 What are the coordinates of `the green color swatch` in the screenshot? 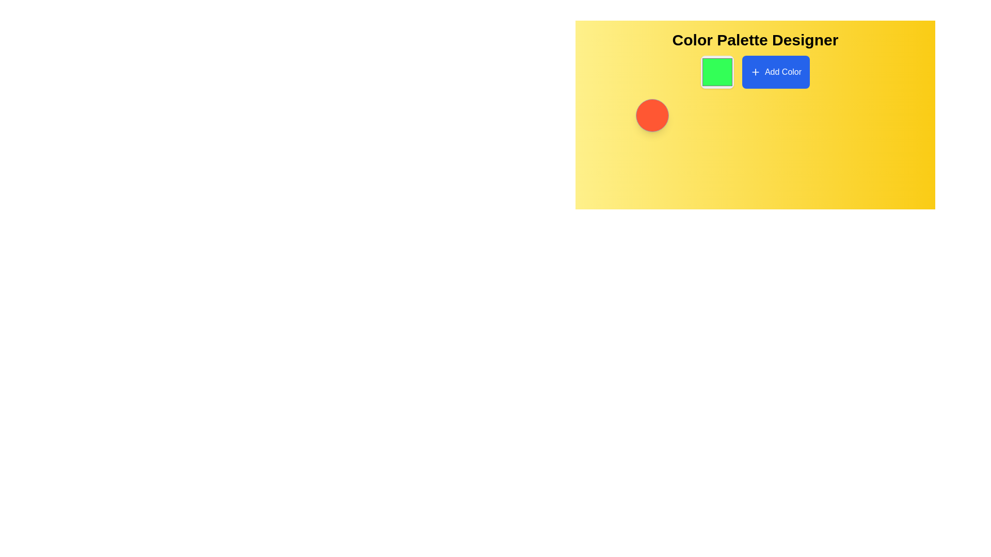 It's located at (716, 71).